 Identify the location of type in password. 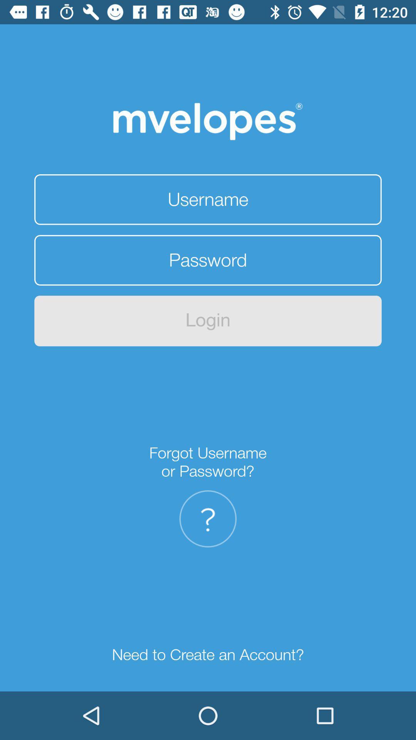
(208, 260).